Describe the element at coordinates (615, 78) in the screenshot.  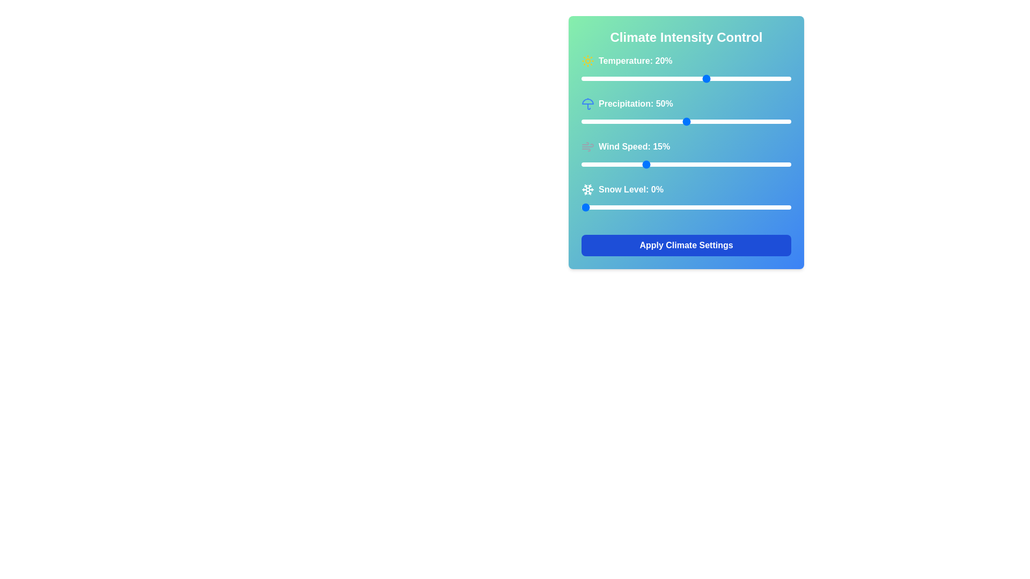
I see `the Temperature` at that location.